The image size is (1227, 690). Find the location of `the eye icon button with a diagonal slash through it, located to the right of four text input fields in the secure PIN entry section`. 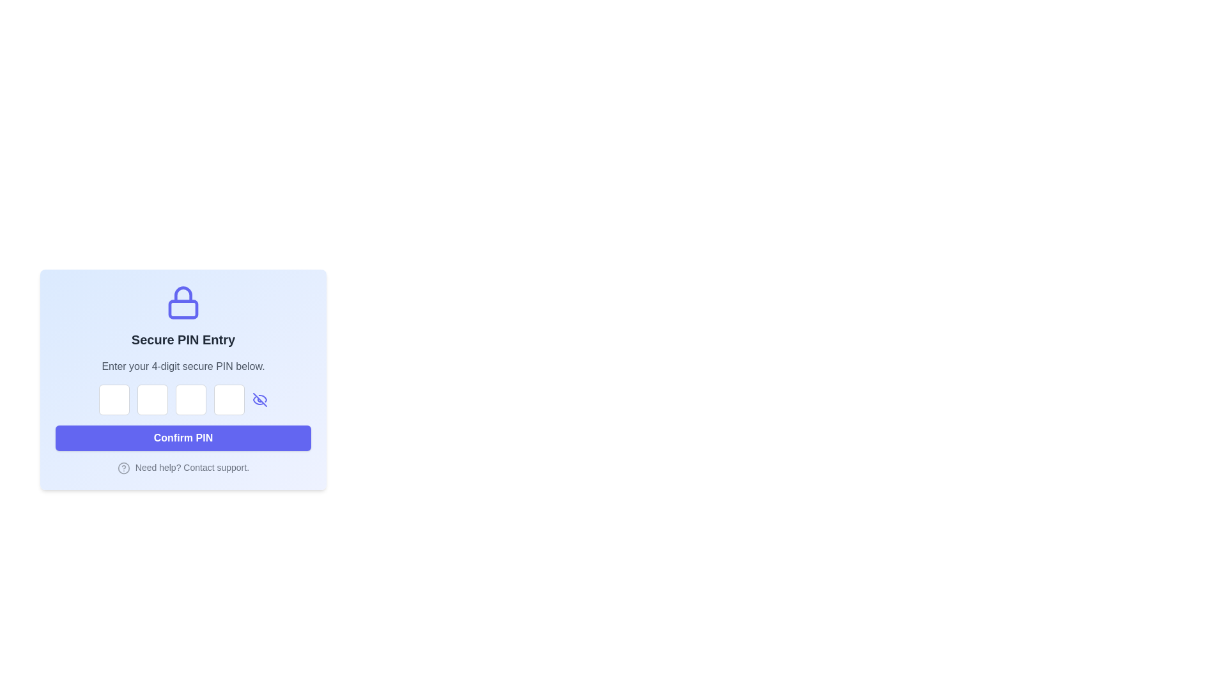

the eye icon button with a diagonal slash through it, located to the right of four text input fields in the secure PIN entry section is located at coordinates (259, 399).